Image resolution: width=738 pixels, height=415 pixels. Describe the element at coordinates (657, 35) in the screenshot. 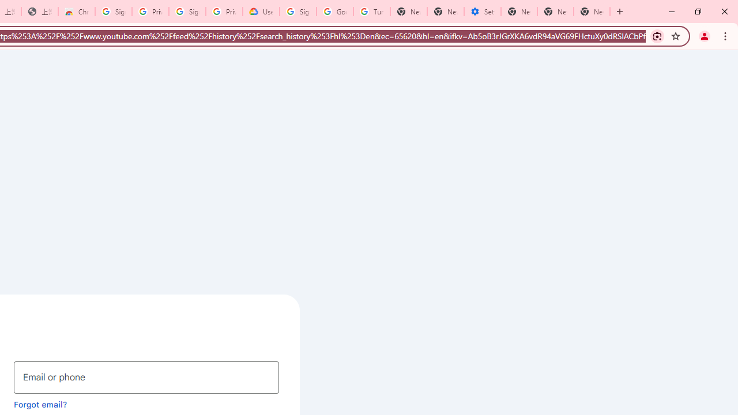

I see `'Search with Google Lens'` at that location.